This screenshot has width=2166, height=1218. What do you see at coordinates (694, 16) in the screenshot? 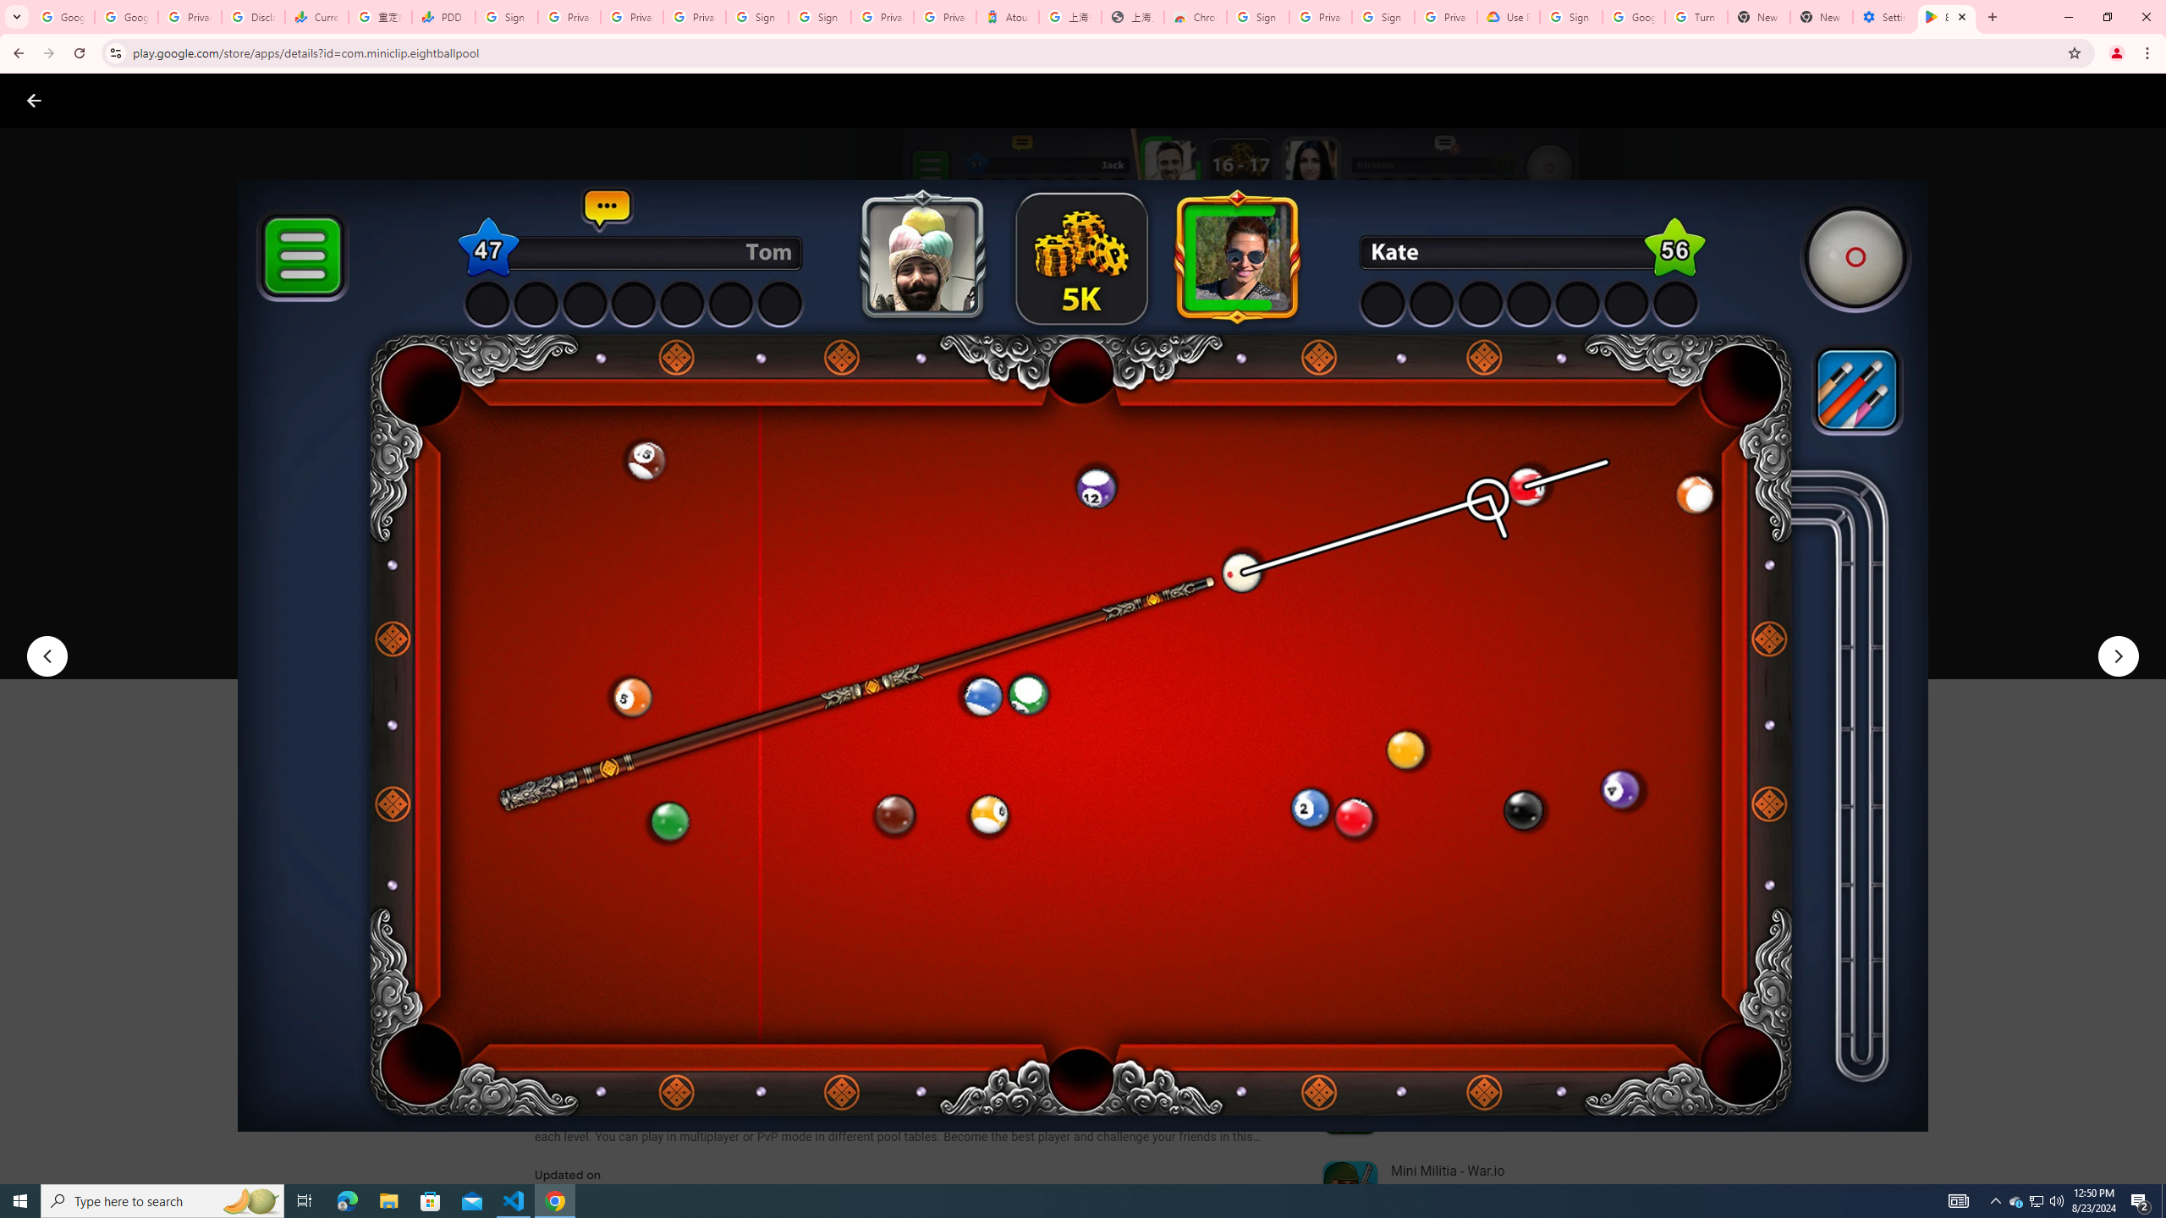
I see `'Privacy Checkup'` at bounding box center [694, 16].